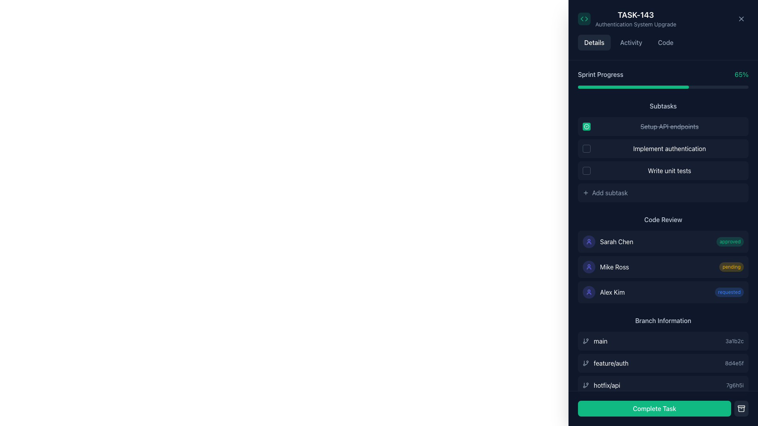 The width and height of the screenshot is (758, 426). I want to click on the progress bar located beneath the 'Sprint Progress' label, which is partially filled with green and has rounded corners, so click(663, 87).